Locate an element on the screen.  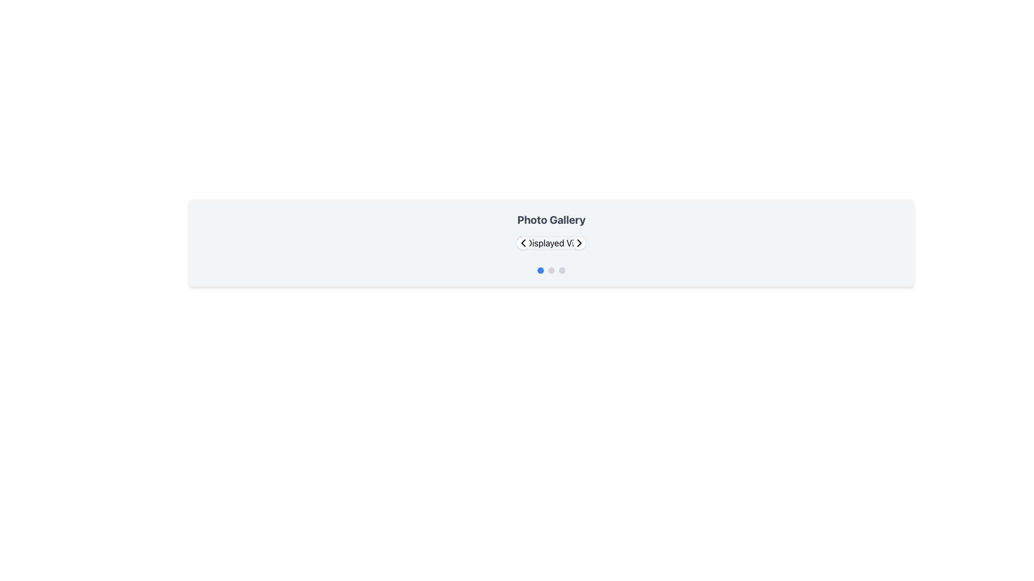
the 'Previous Image' button is located at coordinates (523, 243).